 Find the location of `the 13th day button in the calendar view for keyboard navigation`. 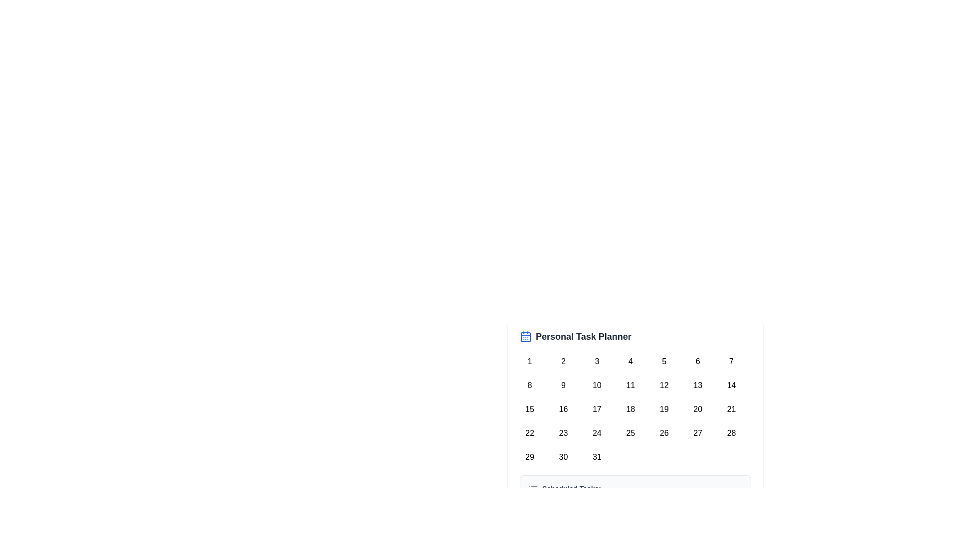

the 13th day button in the calendar view for keyboard navigation is located at coordinates (697, 385).